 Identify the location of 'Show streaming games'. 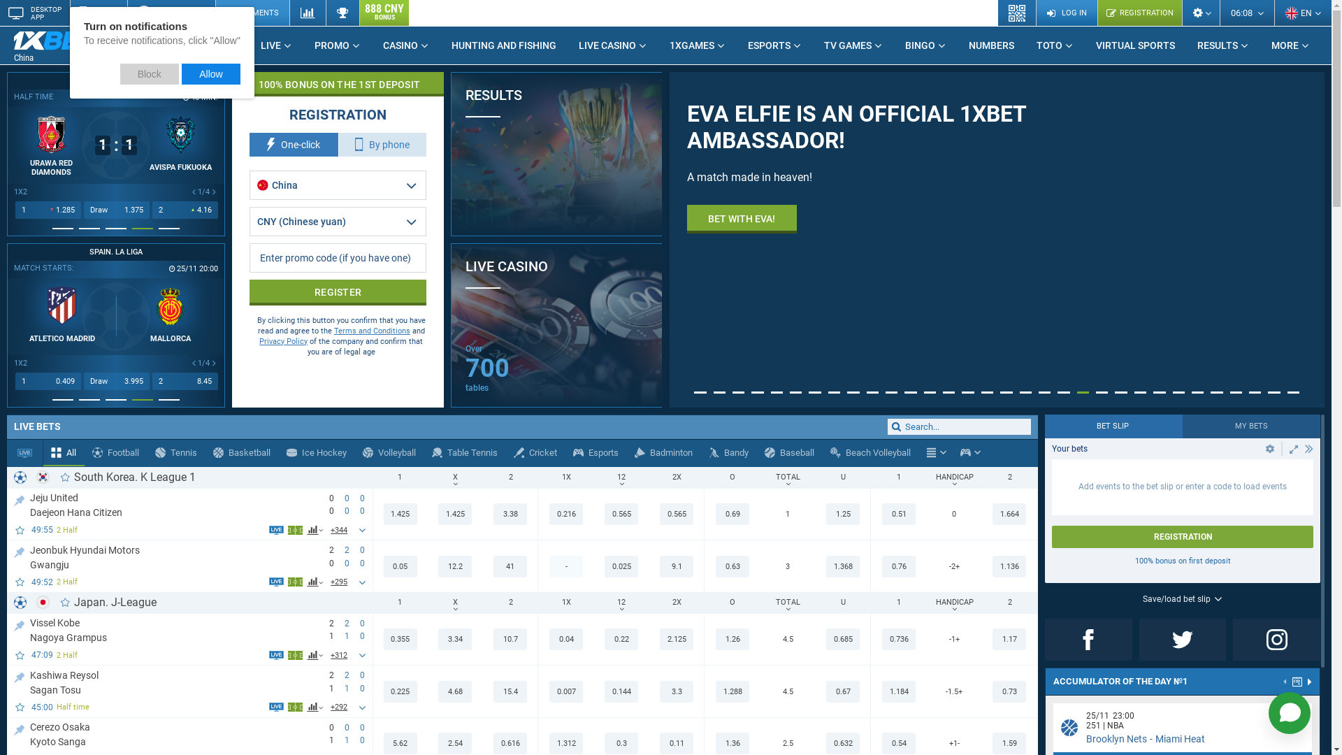
(24, 453).